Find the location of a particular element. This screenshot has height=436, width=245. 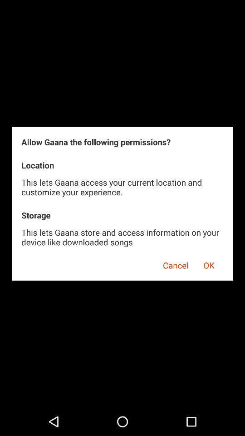

the ok item is located at coordinates (209, 264).